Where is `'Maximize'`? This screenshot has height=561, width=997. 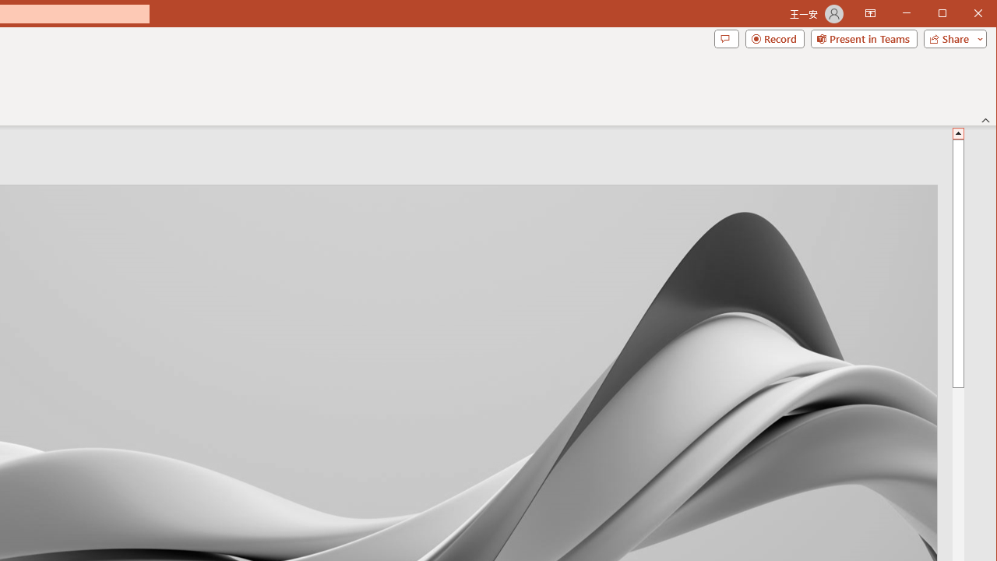
'Maximize' is located at coordinates (964, 15).